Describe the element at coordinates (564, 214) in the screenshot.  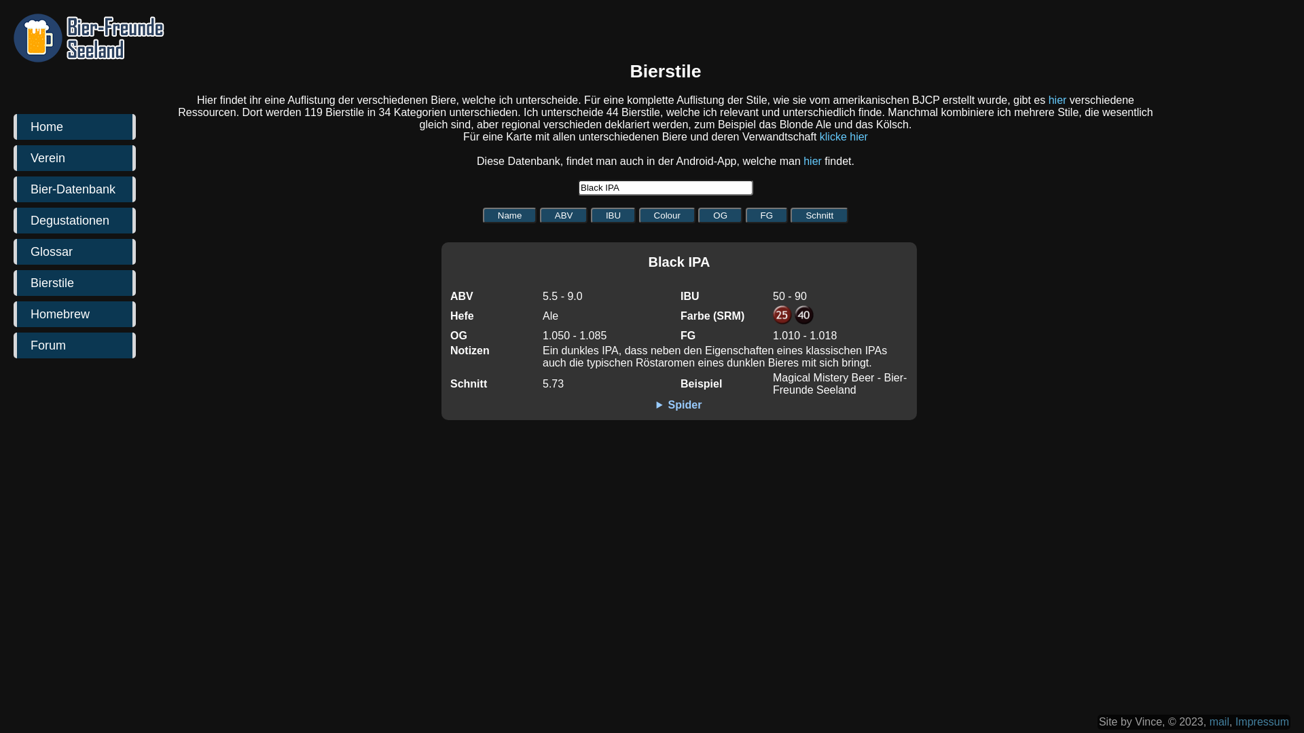
I see `'ABV'` at that location.